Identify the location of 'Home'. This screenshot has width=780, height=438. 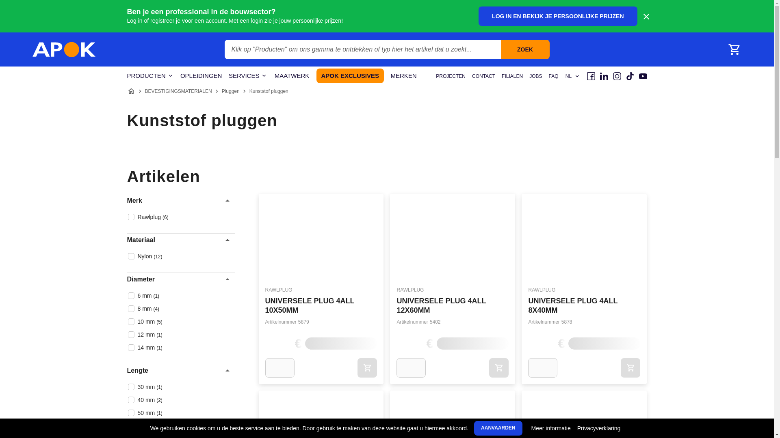
(130, 91).